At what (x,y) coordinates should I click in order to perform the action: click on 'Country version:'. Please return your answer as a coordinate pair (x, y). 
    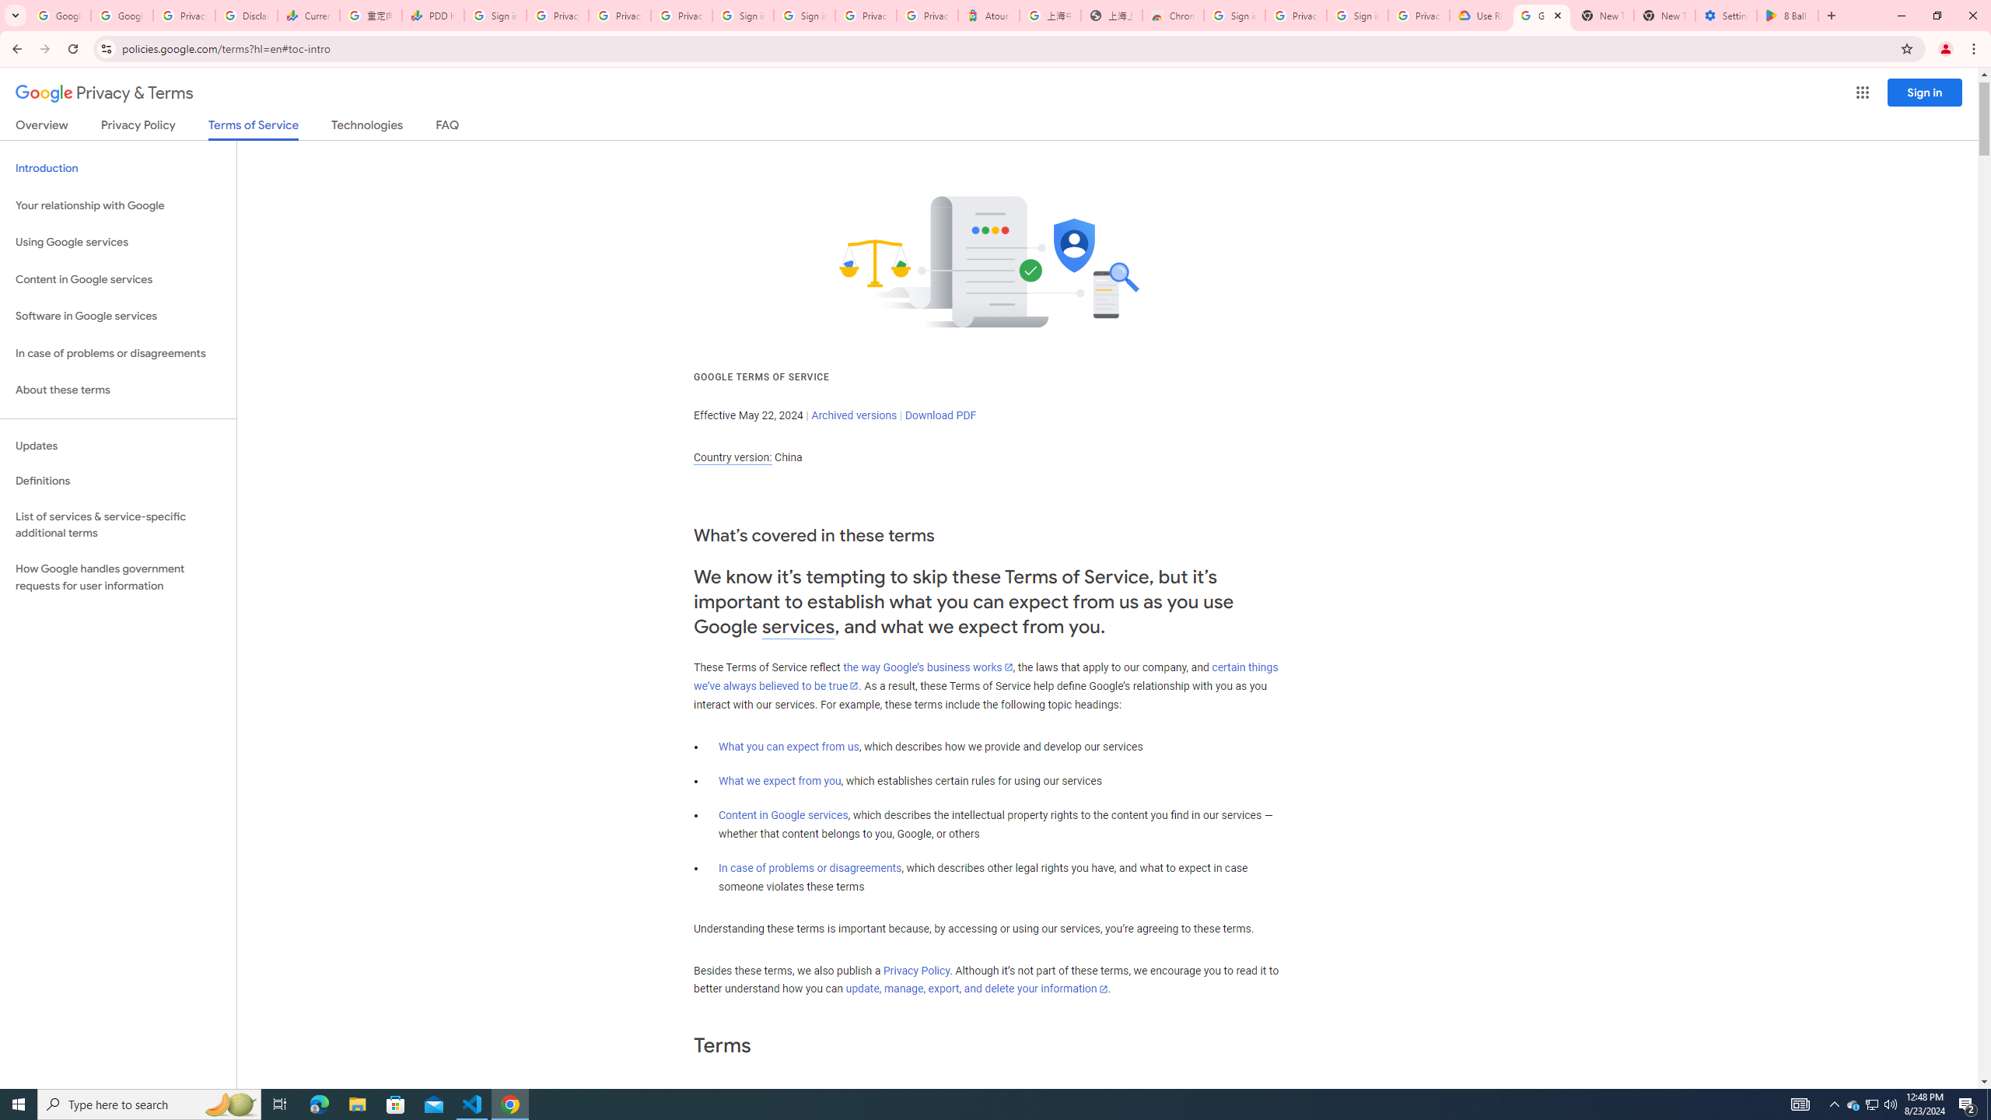
    Looking at the image, I should click on (732, 457).